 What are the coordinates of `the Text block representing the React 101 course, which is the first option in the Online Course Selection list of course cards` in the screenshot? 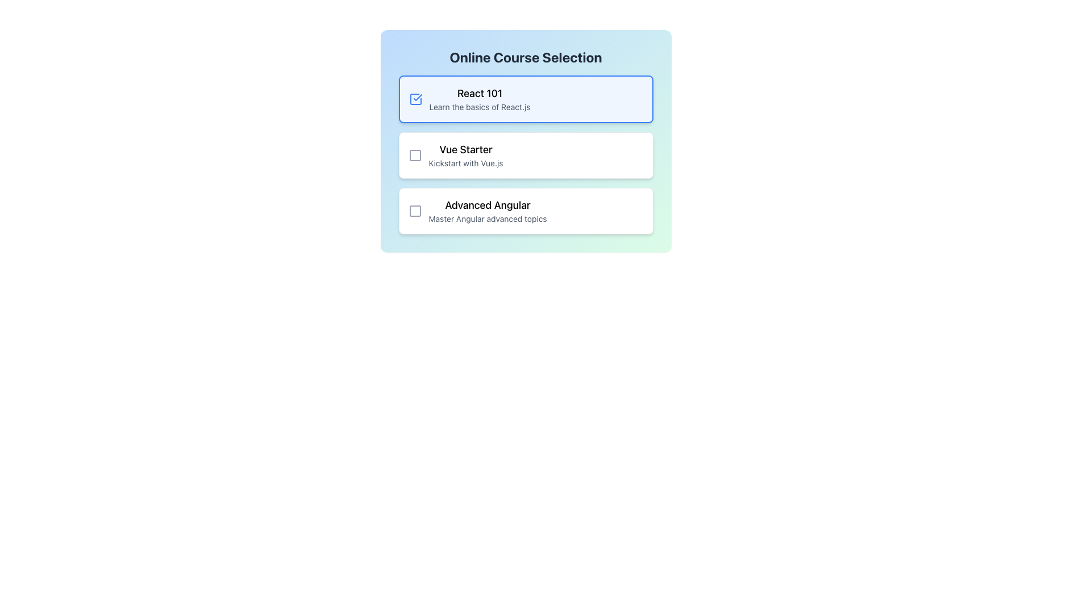 It's located at (469, 98).